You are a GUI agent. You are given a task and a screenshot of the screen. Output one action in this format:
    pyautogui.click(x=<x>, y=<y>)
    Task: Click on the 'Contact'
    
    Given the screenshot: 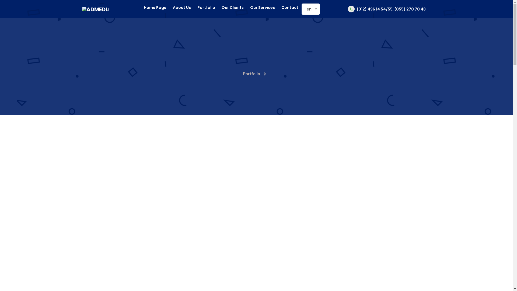 What is the action you would take?
    pyautogui.click(x=289, y=8)
    